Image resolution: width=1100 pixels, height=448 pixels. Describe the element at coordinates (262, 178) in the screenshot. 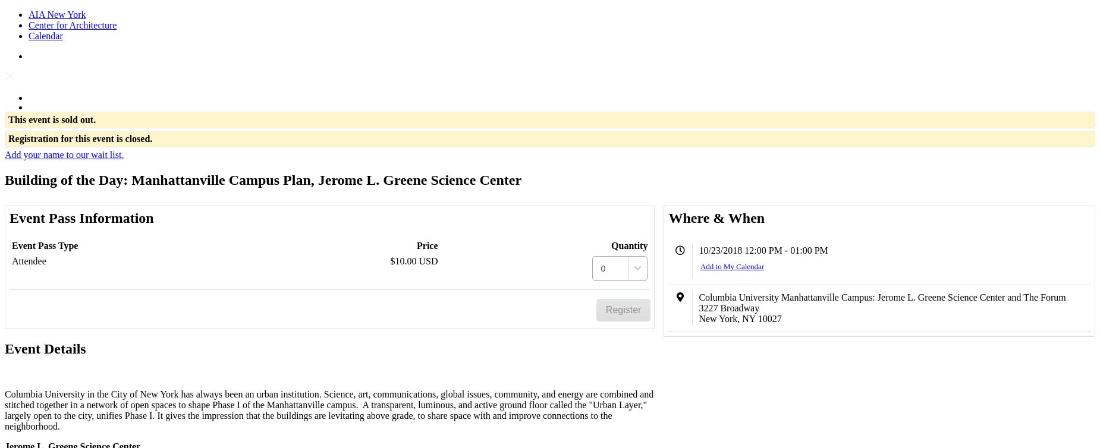

I see `'Building of the Day: Manhattanville Campus Plan, Jerome L. Greene Science Center'` at that location.